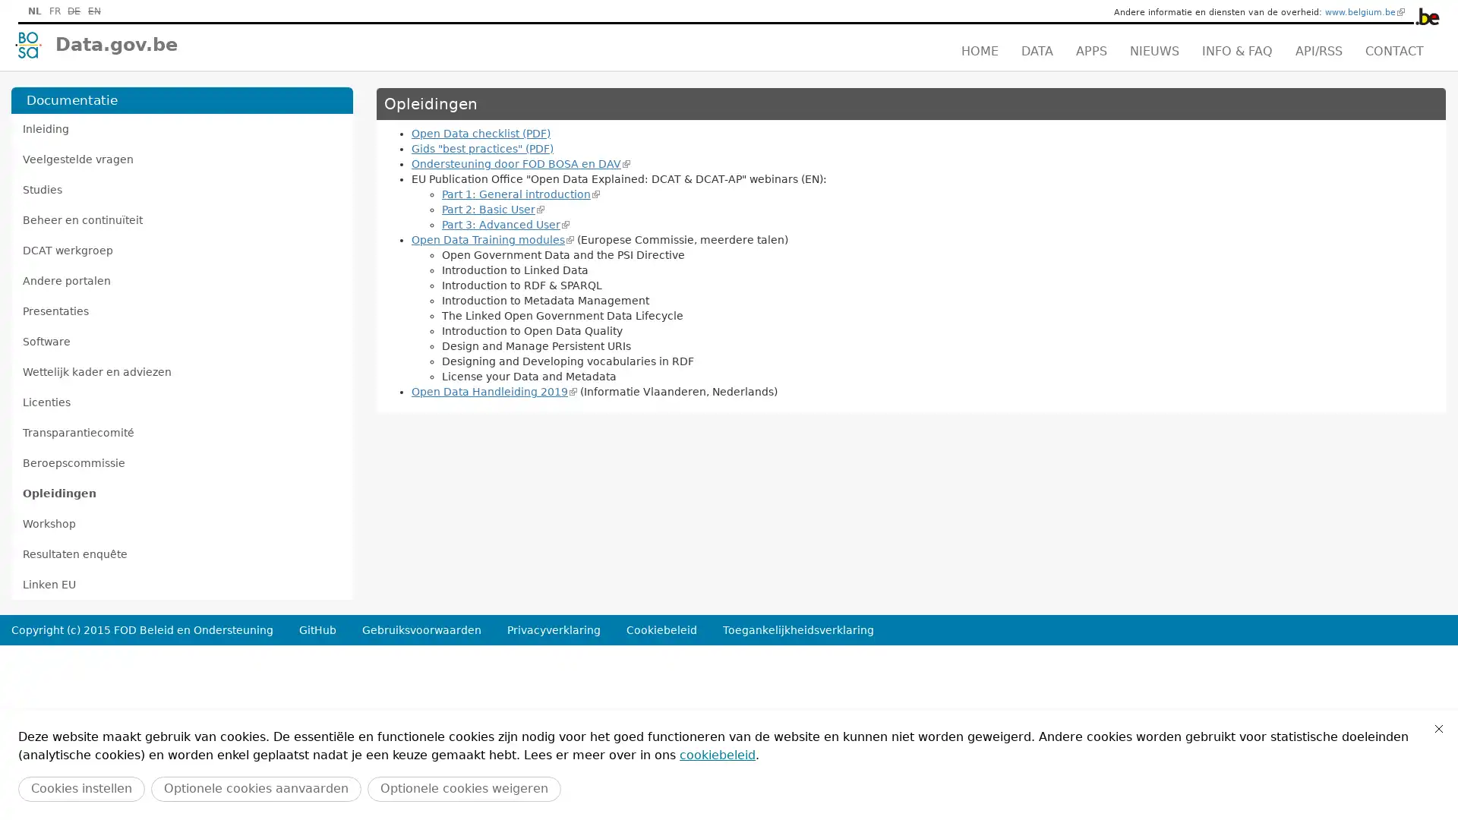 The width and height of the screenshot is (1458, 820). I want to click on Cookies instellen, so click(80, 788).